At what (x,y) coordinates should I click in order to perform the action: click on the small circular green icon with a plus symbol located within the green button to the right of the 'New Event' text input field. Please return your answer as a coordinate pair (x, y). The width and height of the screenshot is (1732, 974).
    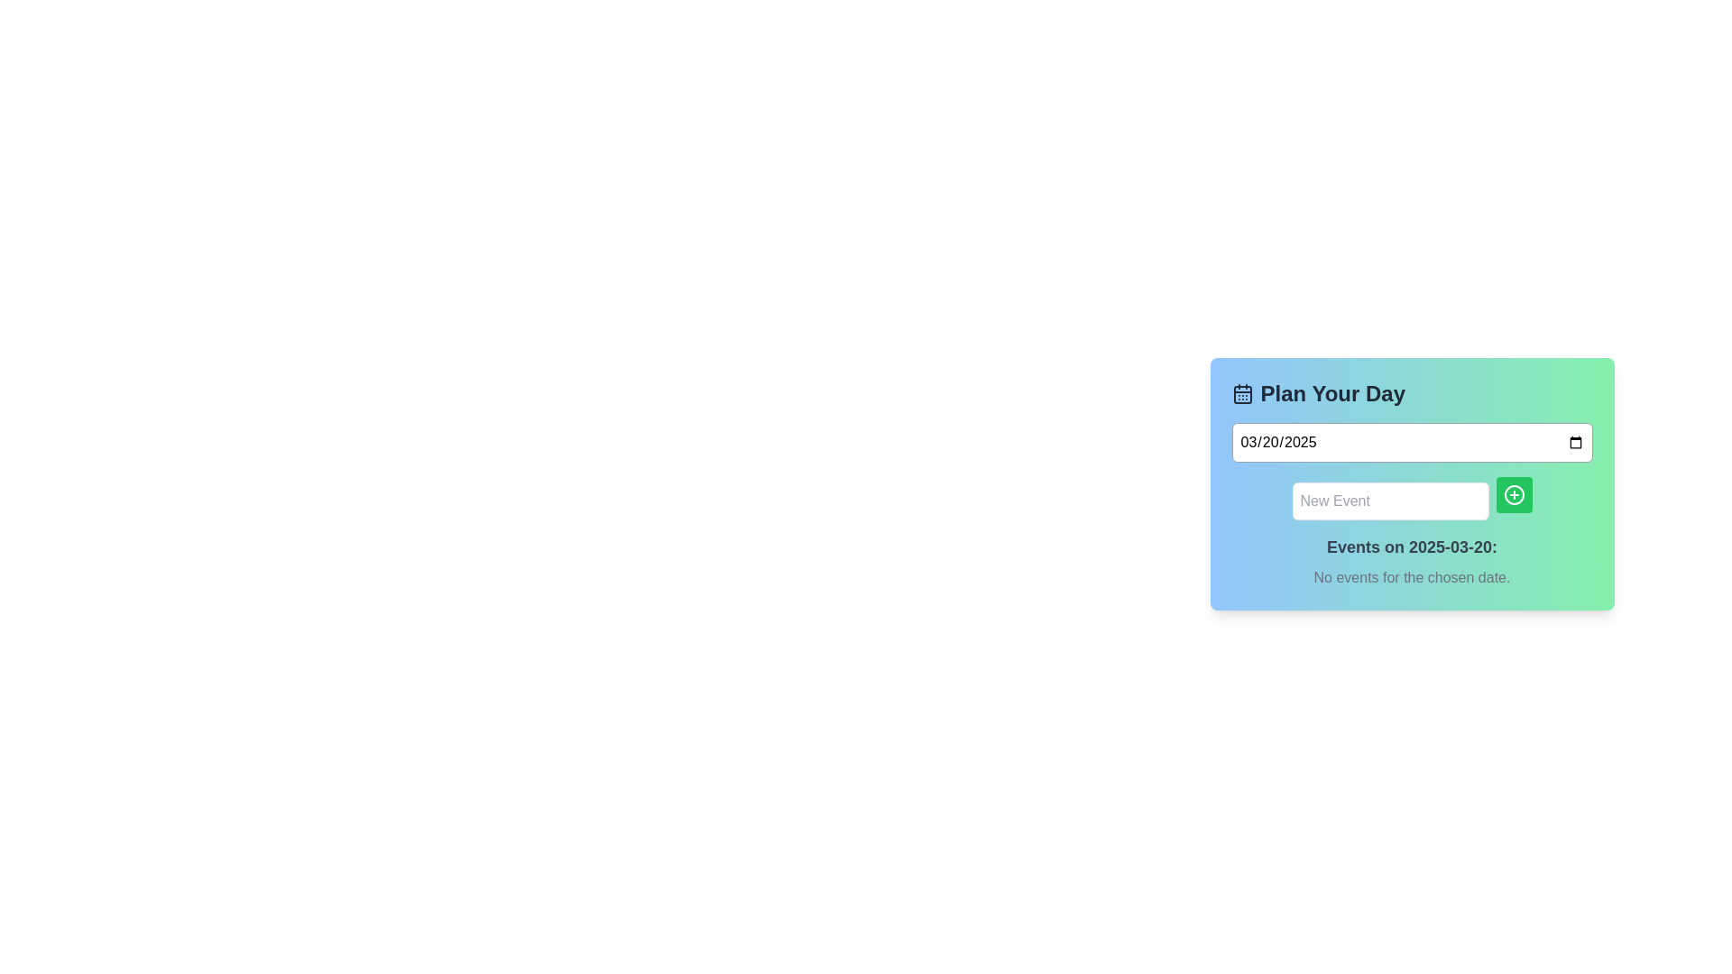
    Looking at the image, I should click on (1514, 494).